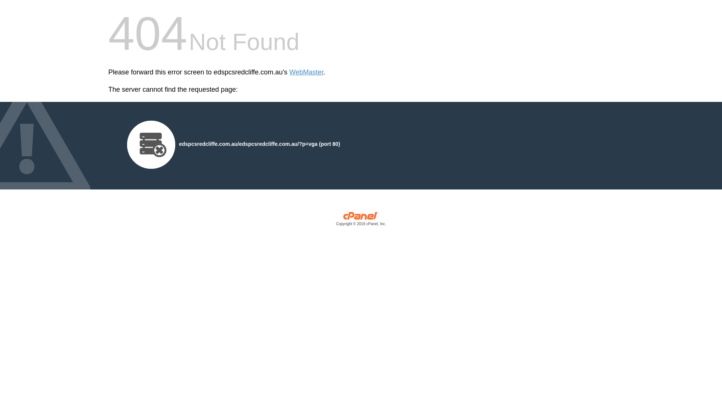 Image resolution: width=722 pixels, height=406 pixels. I want to click on 'WebMaster', so click(306, 72).